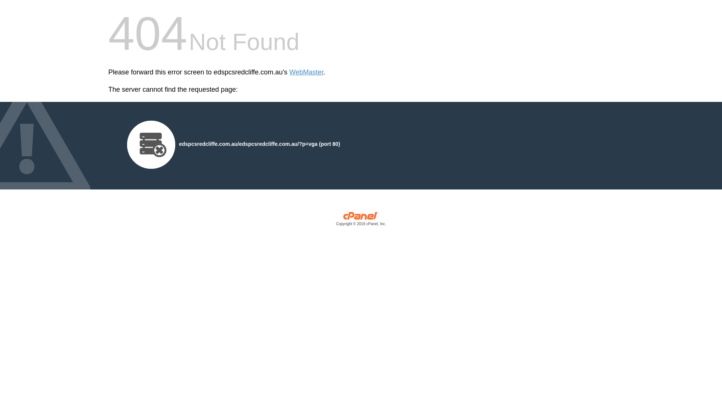 Image resolution: width=722 pixels, height=406 pixels. I want to click on 'WebMaster', so click(306, 72).